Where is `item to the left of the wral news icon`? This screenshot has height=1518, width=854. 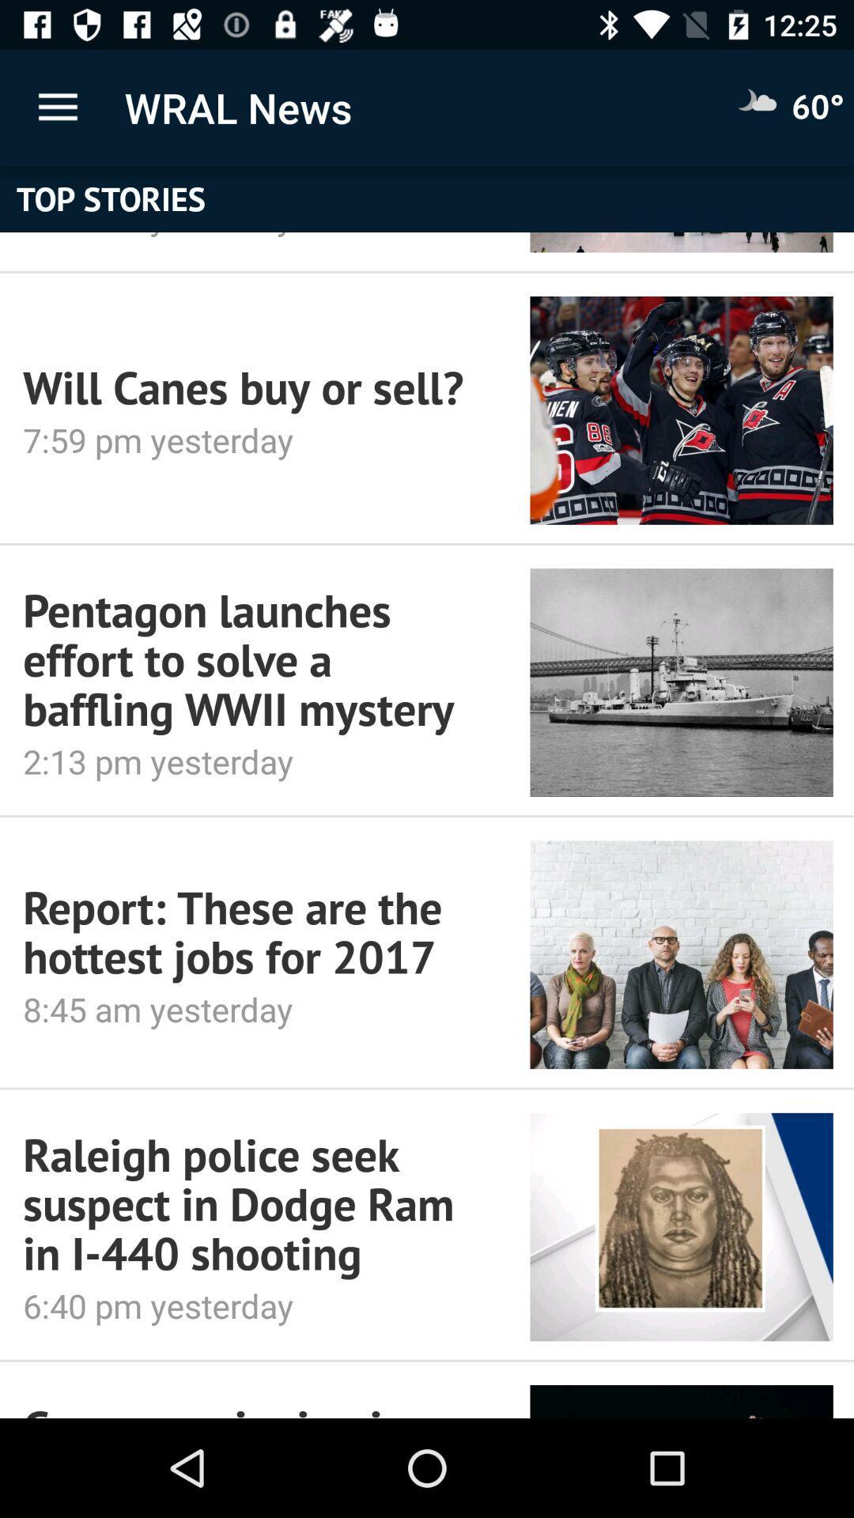 item to the left of the wral news icon is located at coordinates (57, 107).